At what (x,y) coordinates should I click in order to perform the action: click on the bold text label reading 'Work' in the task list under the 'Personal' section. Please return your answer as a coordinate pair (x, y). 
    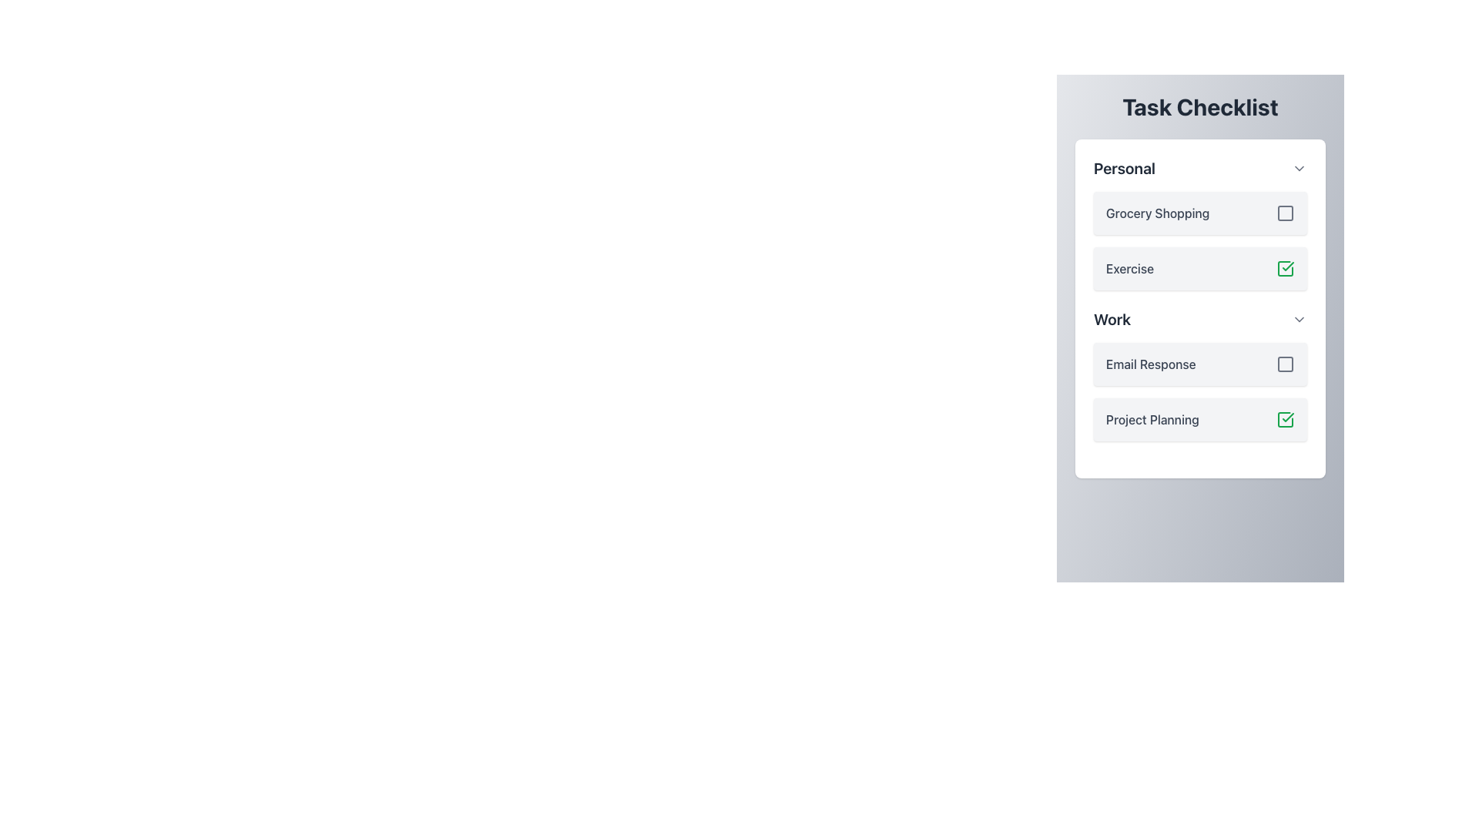
    Looking at the image, I should click on (1112, 319).